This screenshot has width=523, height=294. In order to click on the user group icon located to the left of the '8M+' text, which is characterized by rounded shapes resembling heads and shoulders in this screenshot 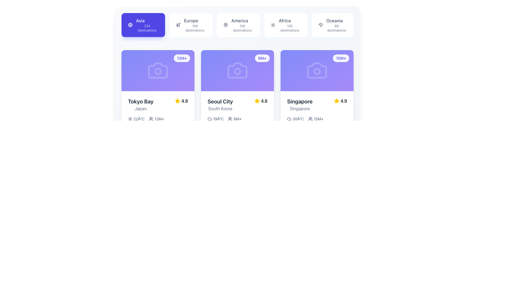, I will do `click(230, 118)`.